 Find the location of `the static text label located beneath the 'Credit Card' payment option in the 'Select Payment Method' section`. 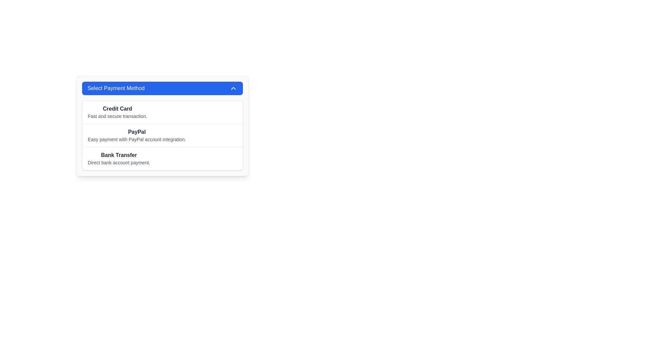

the static text label located beneath the 'Credit Card' payment option in the 'Select Payment Method' section is located at coordinates (117, 116).